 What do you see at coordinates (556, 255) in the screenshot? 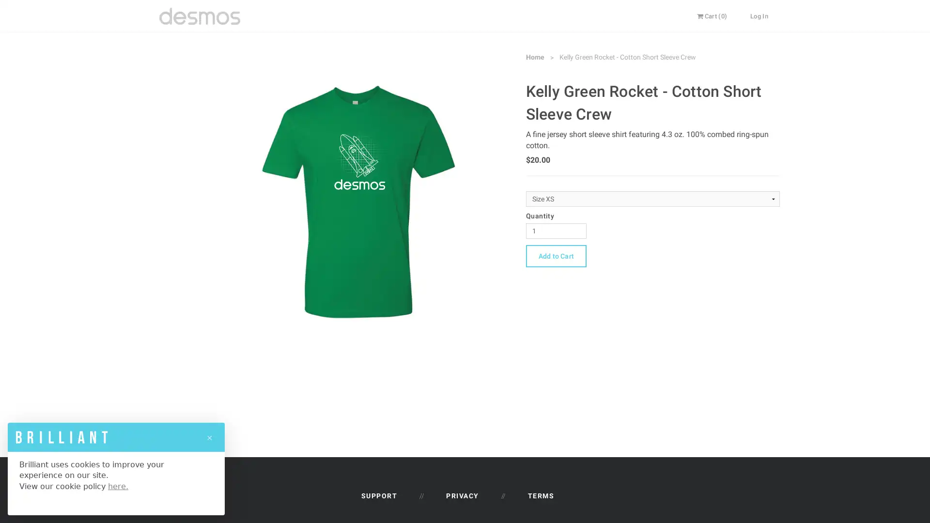
I see `Add to Cart` at bounding box center [556, 255].